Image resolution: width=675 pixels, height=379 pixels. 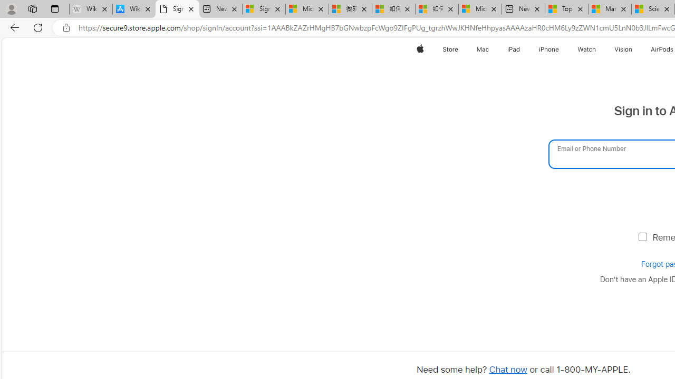 I want to click on 'iPhone', so click(x=548, y=49).